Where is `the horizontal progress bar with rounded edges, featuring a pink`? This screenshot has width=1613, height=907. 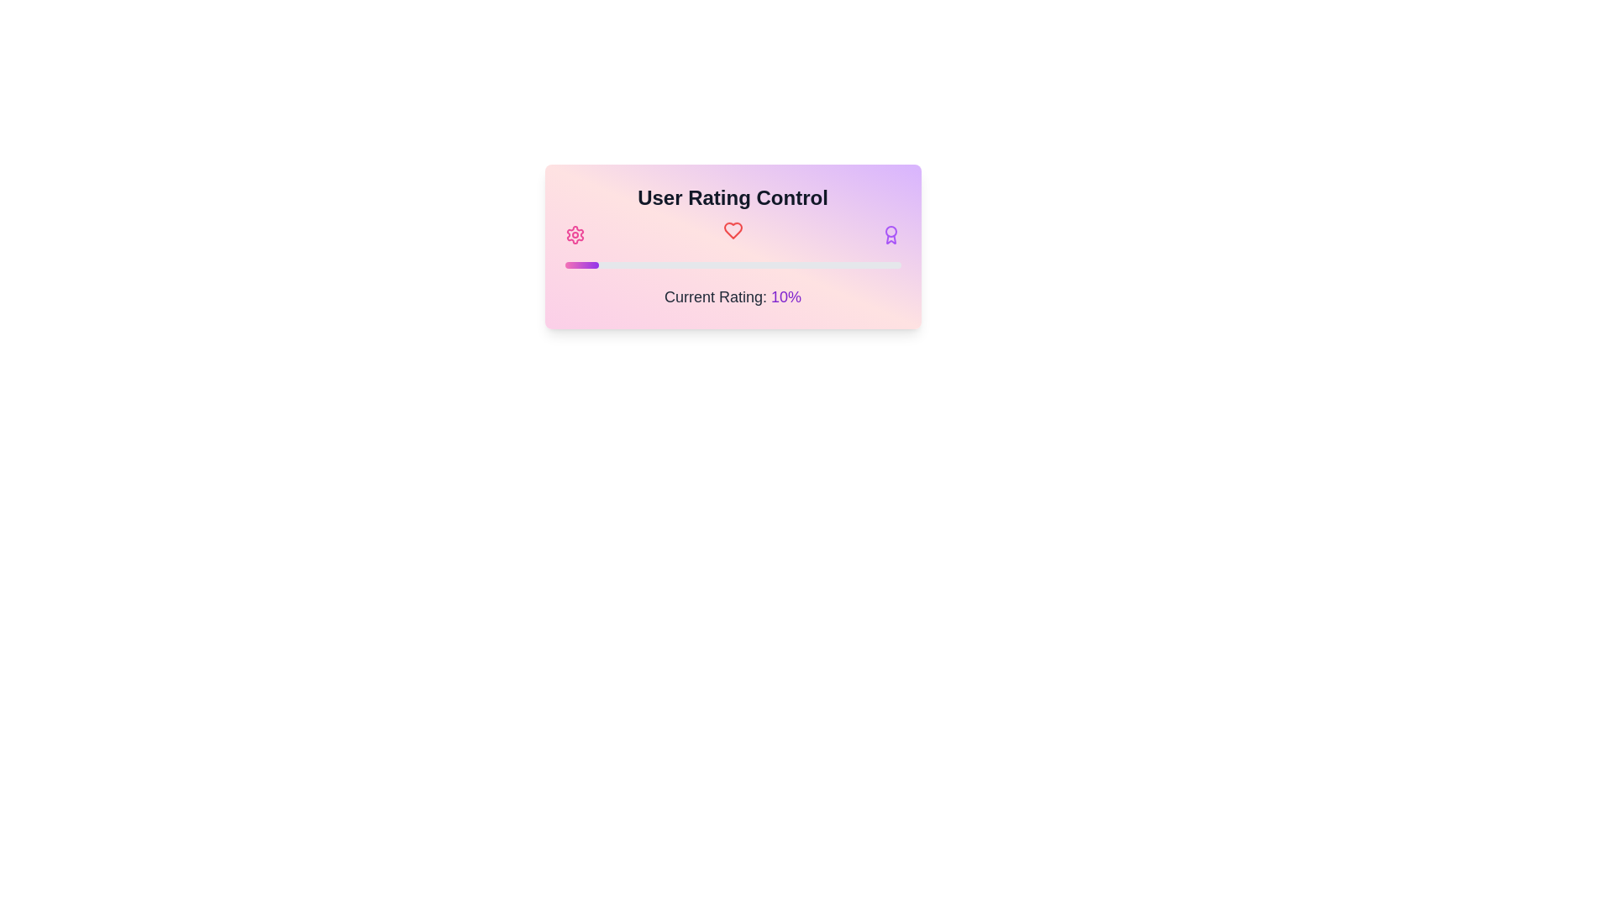
the horizontal progress bar with rounded edges, featuring a pink is located at coordinates (733, 265).